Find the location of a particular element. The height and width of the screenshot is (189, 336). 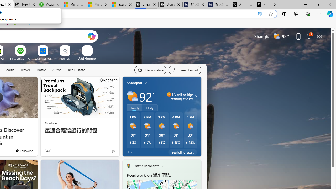

'Page settings' is located at coordinates (319, 36).